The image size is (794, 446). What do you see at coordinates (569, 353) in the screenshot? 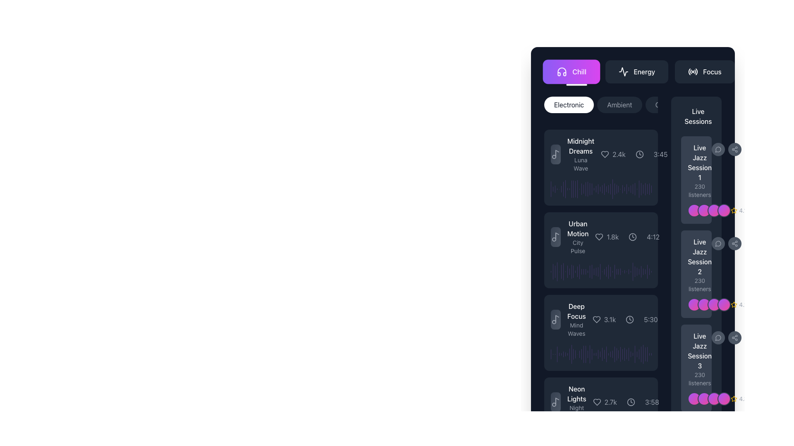
I see `the visual details of the graphical vertical bar that represents audio waveform visualization or activity level display, positioned among similar vertical bars in the music player's UI` at bounding box center [569, 353].